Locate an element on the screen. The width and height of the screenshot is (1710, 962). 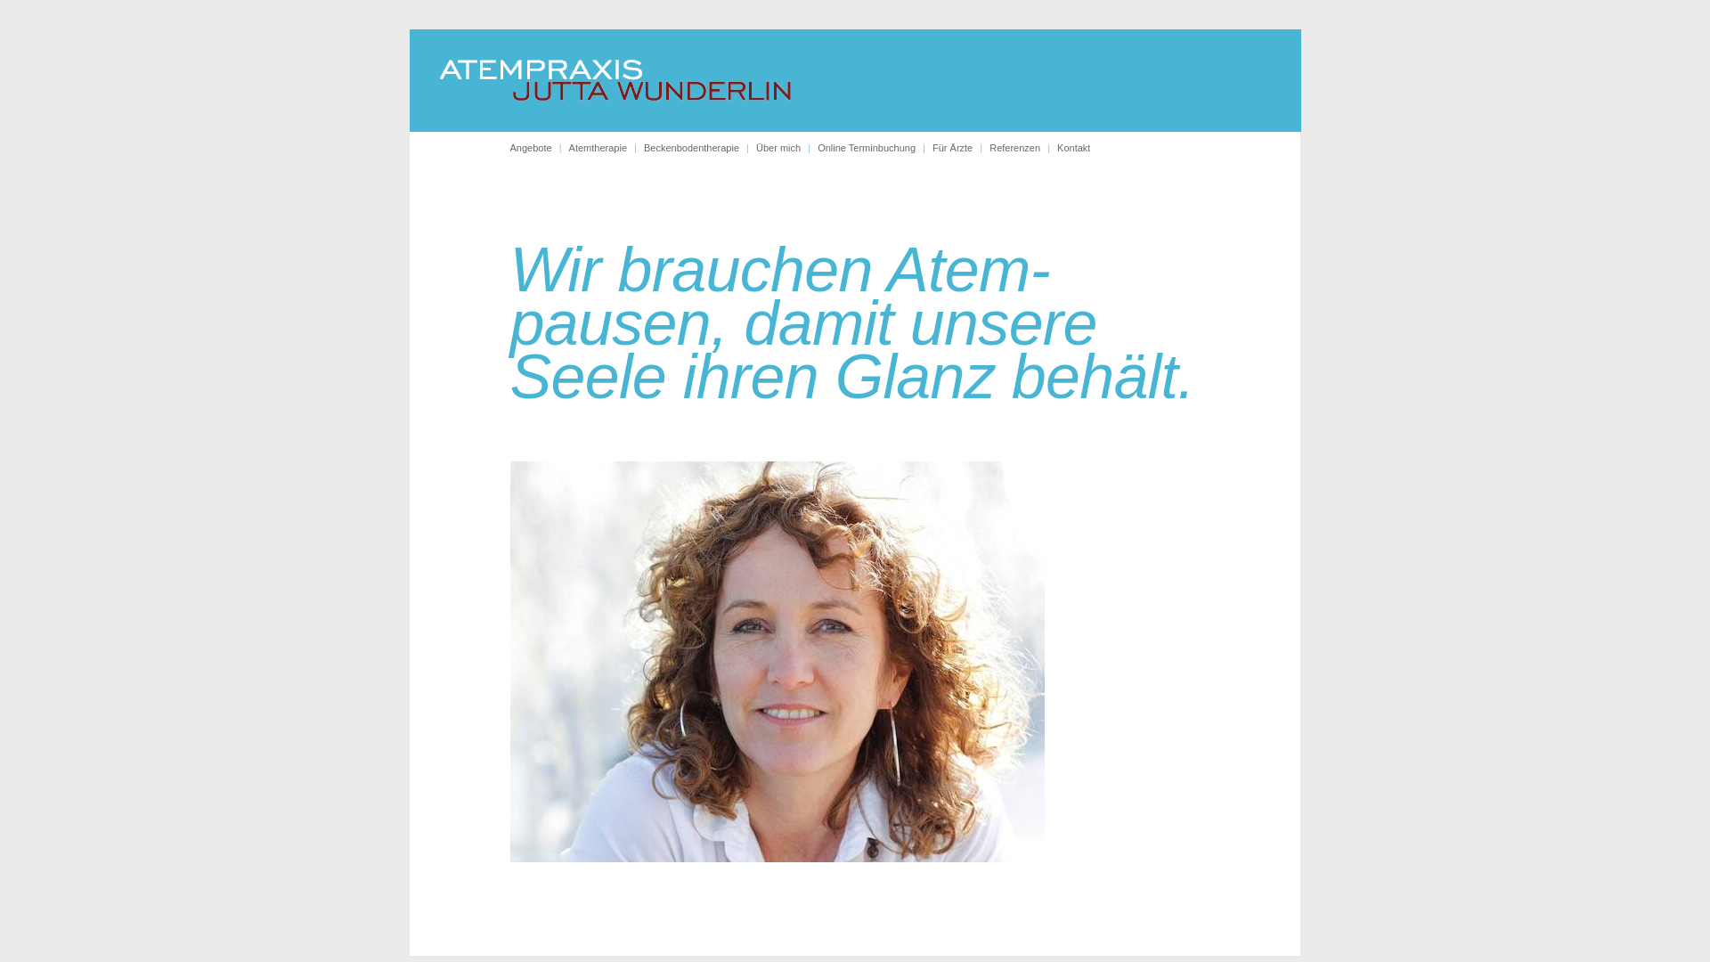
'Kontakt' is located at coordinates (1072, 146).